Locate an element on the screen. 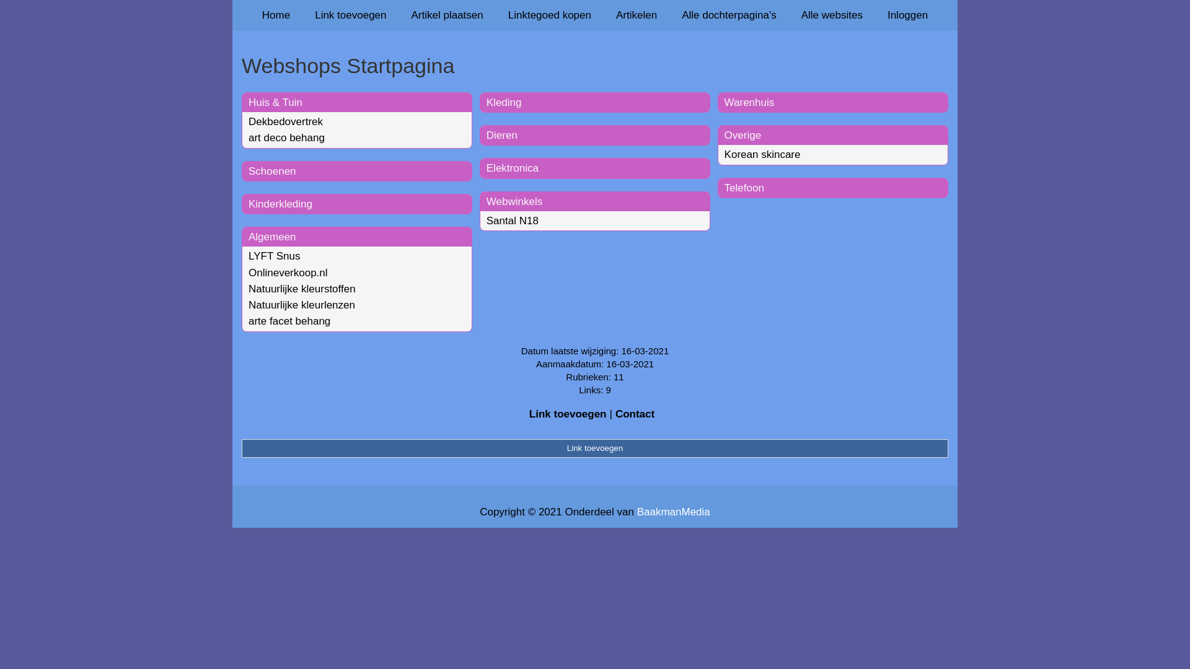 This screenshot has width=1190, height=669. 'arte facet behang' is located at coordinates (288, 320).